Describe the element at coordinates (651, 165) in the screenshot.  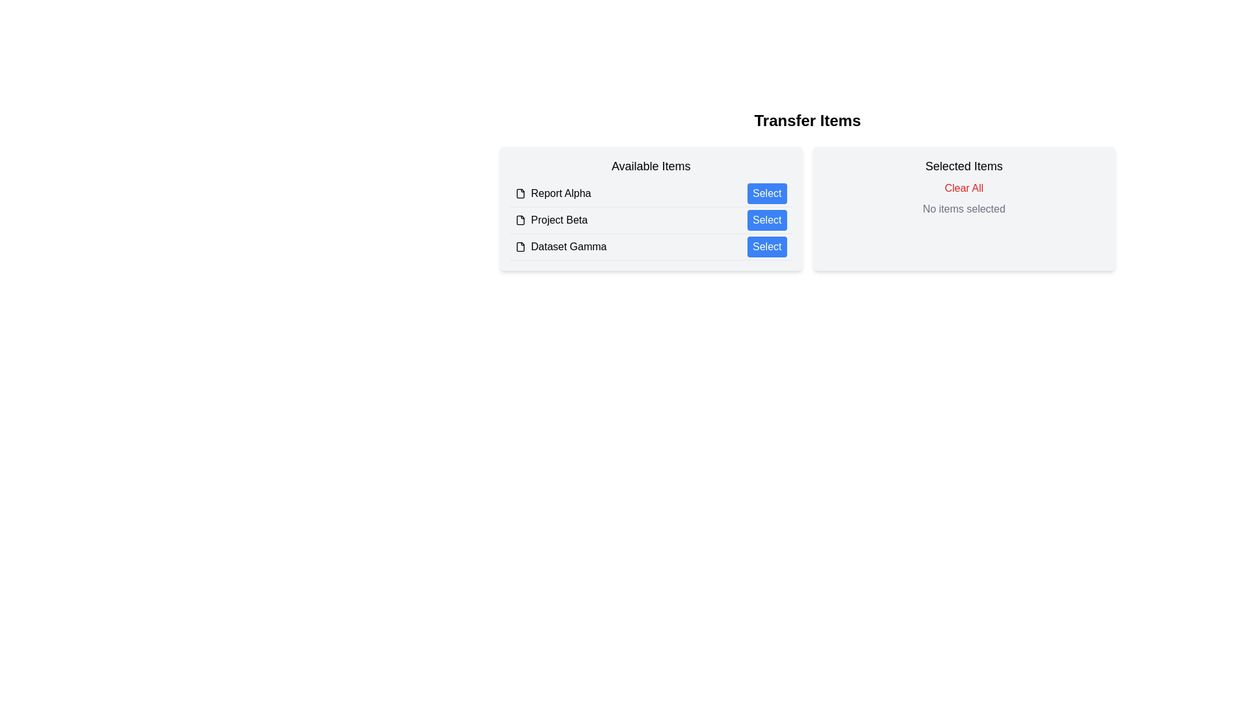
I see `the Text label at the top of the 'Available Items' section, which serves as a title for the grouping of items listed below it` at that location.